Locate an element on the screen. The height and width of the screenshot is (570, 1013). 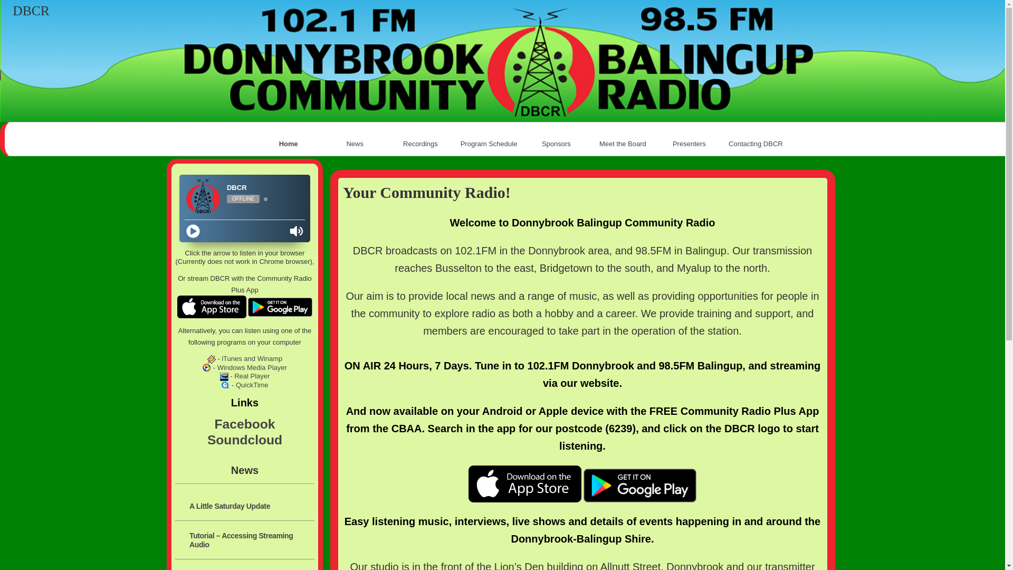
'Contacting DBCR' is located at coordinates (754, 144).